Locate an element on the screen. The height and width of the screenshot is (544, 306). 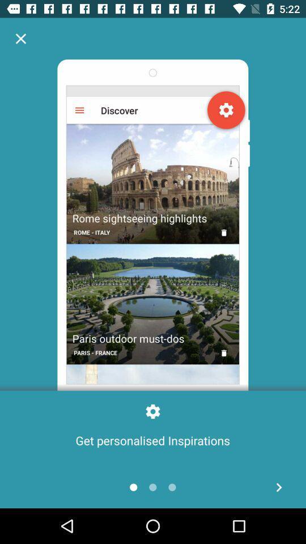
next is located at coordinates (278, 487).